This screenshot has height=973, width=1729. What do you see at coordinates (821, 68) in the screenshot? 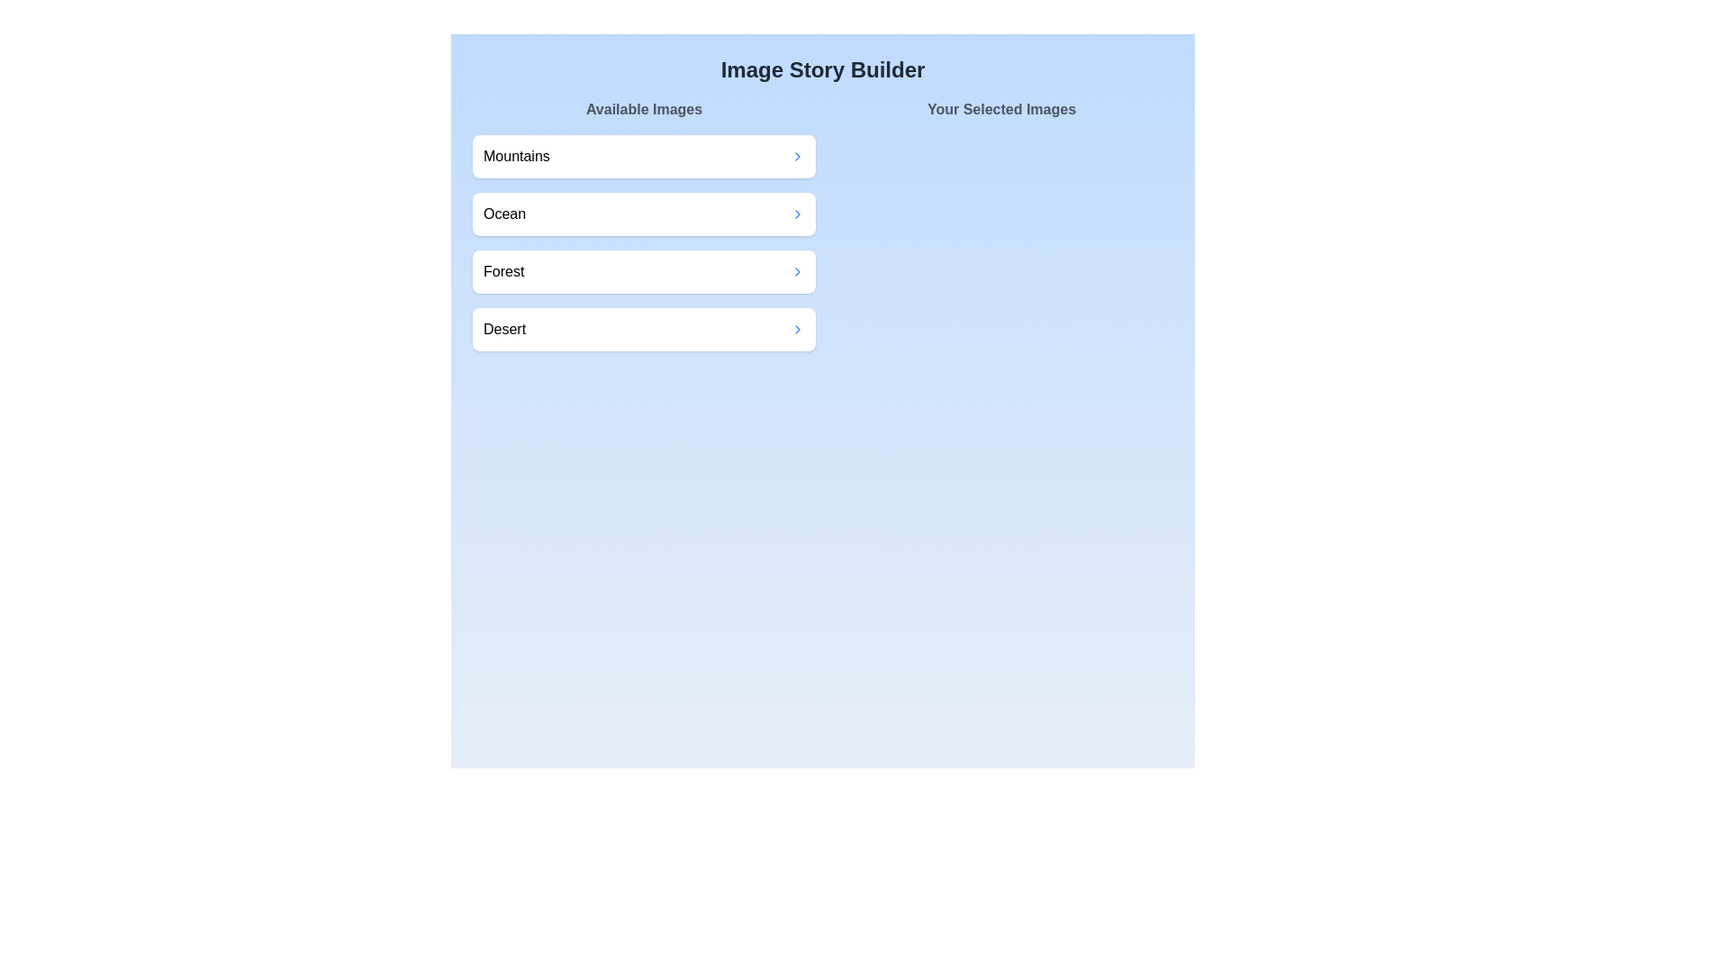
I see `the heading Image Story Builder` at bounding box center [821, 68].